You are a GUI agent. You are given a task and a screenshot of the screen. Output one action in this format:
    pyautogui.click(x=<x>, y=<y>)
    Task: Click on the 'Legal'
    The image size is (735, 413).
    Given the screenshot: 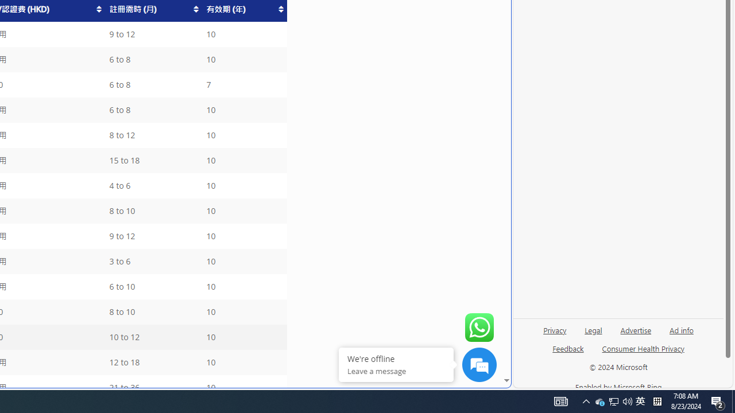 What is the action you would take?
    pyautogui.click(x=593, y=334)
    